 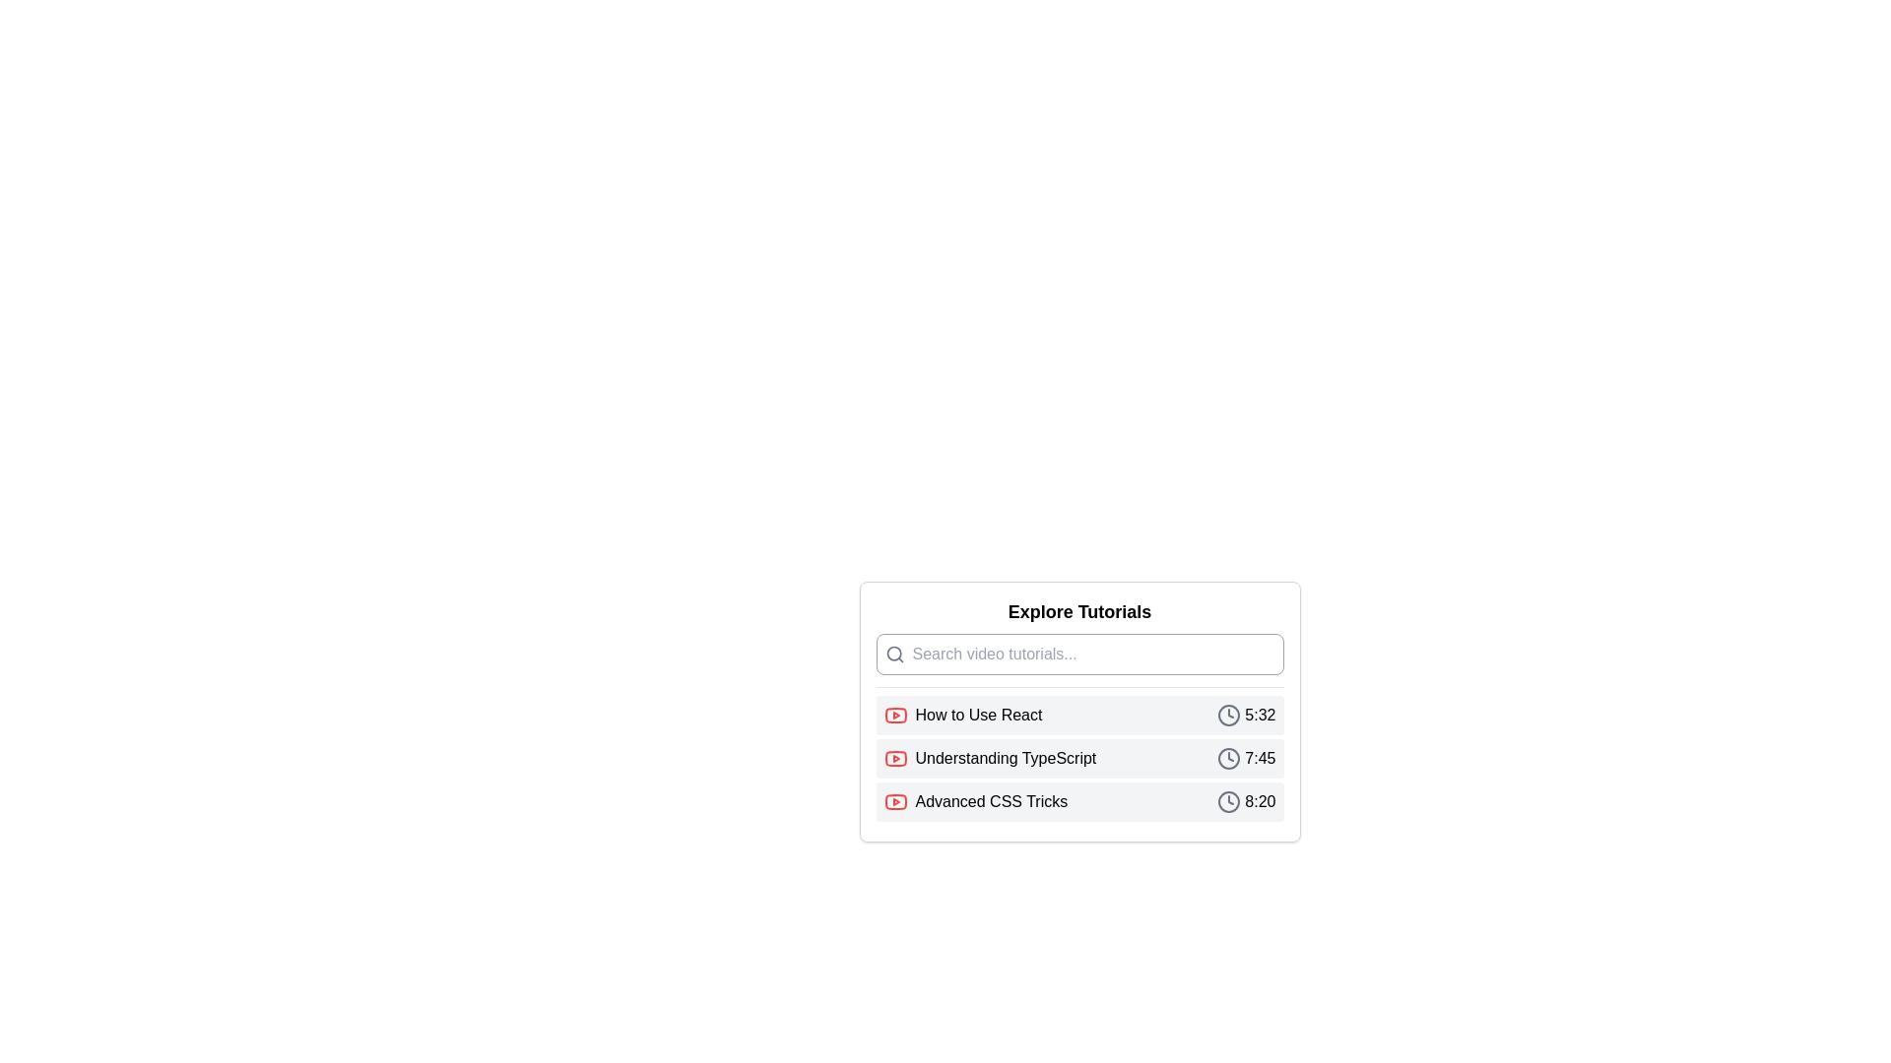 What do you see at coordinates (1078, 712) in the screenshot?
I see `the first Clickable List Item titled 'How to Use React'` at bounding box center [1078, 712].